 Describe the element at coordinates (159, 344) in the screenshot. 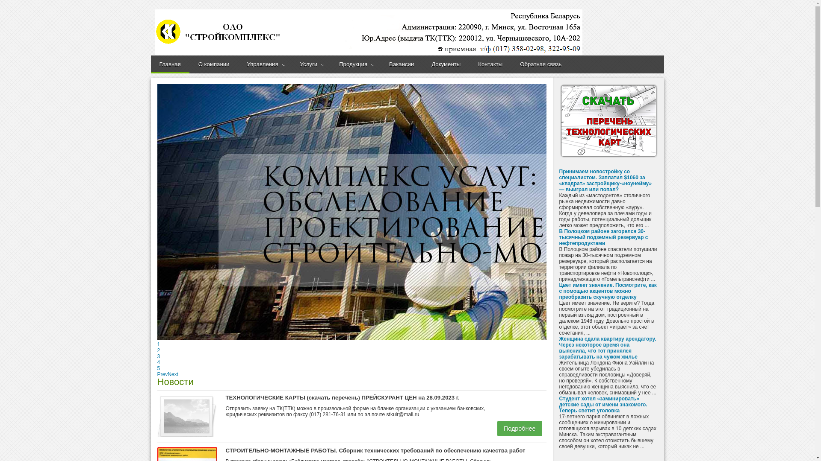

I see `'1'` at that location.